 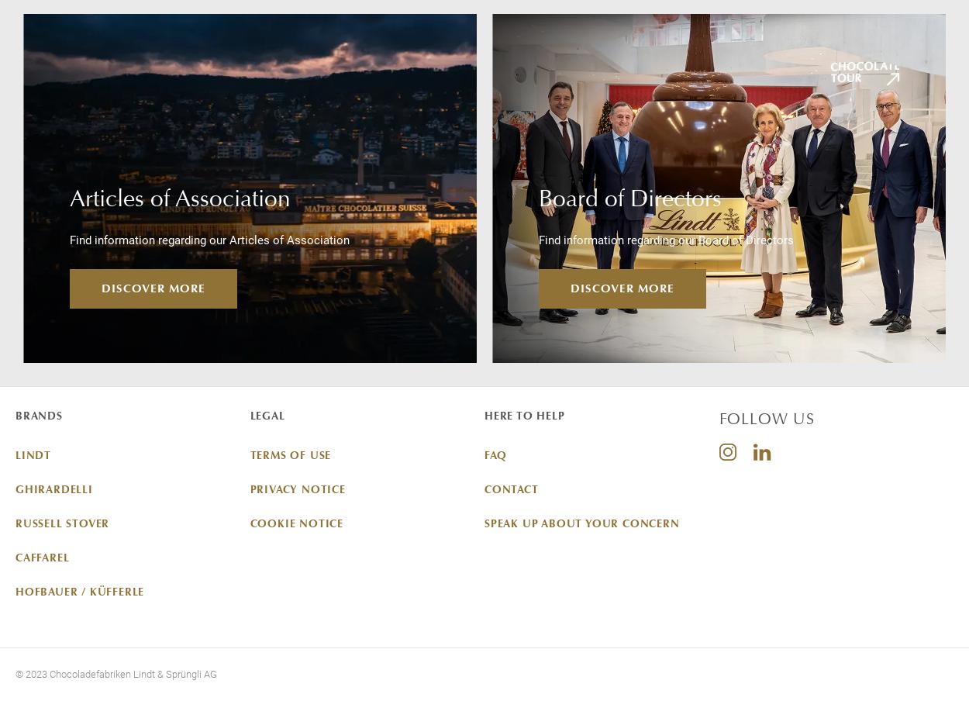 I want to click on 'PRIVACY NOTICE', so click(x=297, y=488).